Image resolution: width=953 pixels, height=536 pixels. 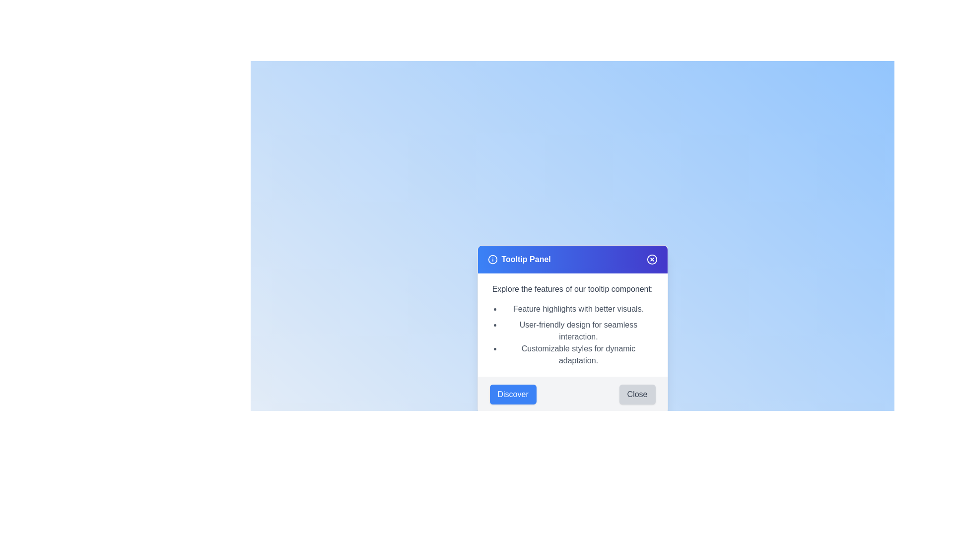 I want to click on the Text Label that serves as the title of the tooltip panel, located centrally in the blue header, next to a circular icon, so click(x=526, y=259).